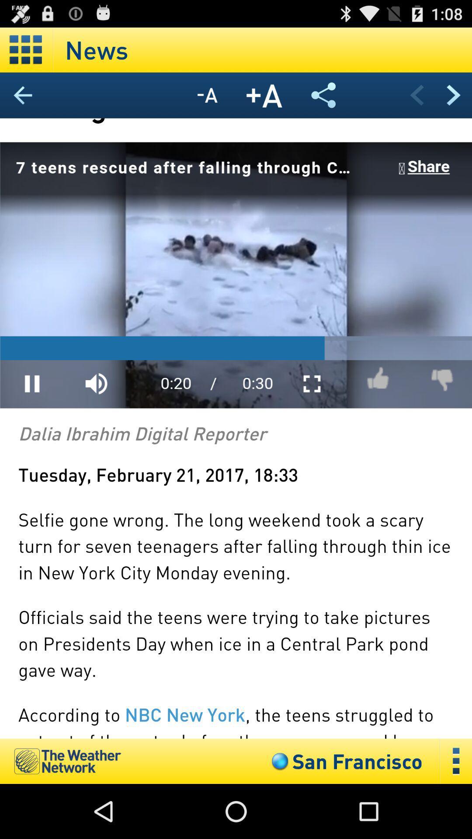 This screenshot has height=839, width=472. I want to click on got to previous page, so click(416, 95).